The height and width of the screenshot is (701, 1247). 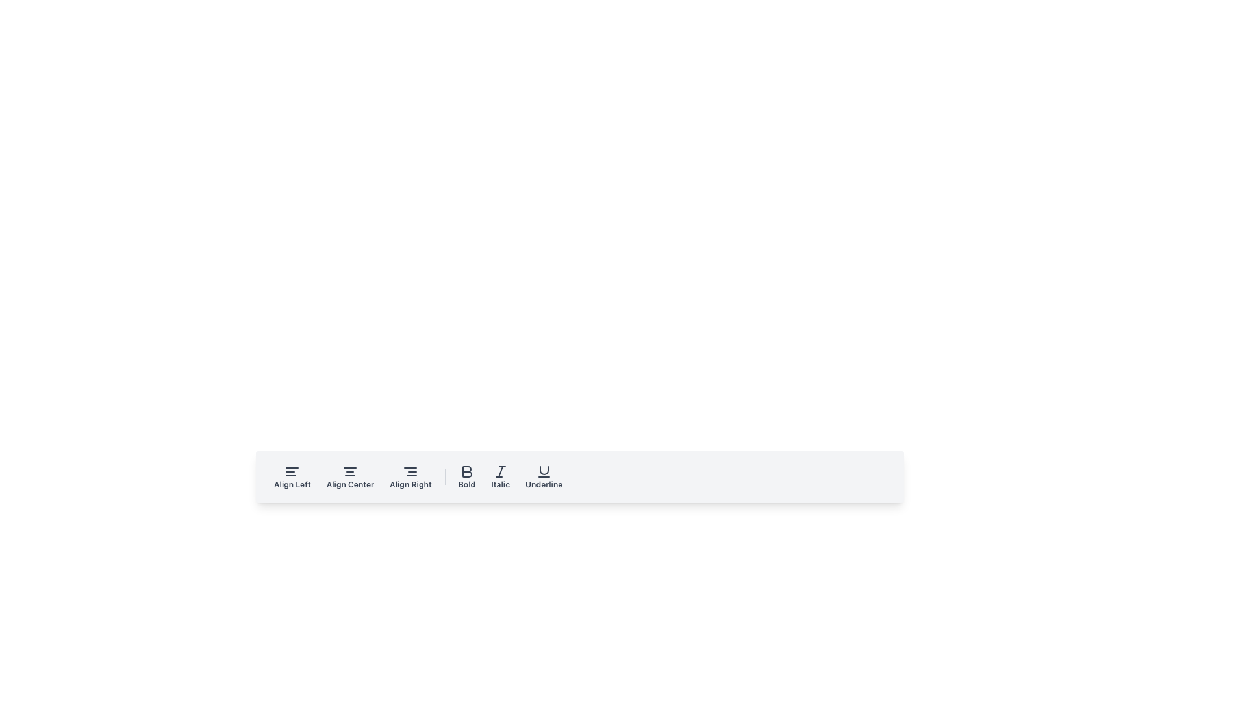 I want to click on the underline formatting button located at the far right of the horizontal toolbar, which is the sixth button from the left, so click(x=544, y=477).